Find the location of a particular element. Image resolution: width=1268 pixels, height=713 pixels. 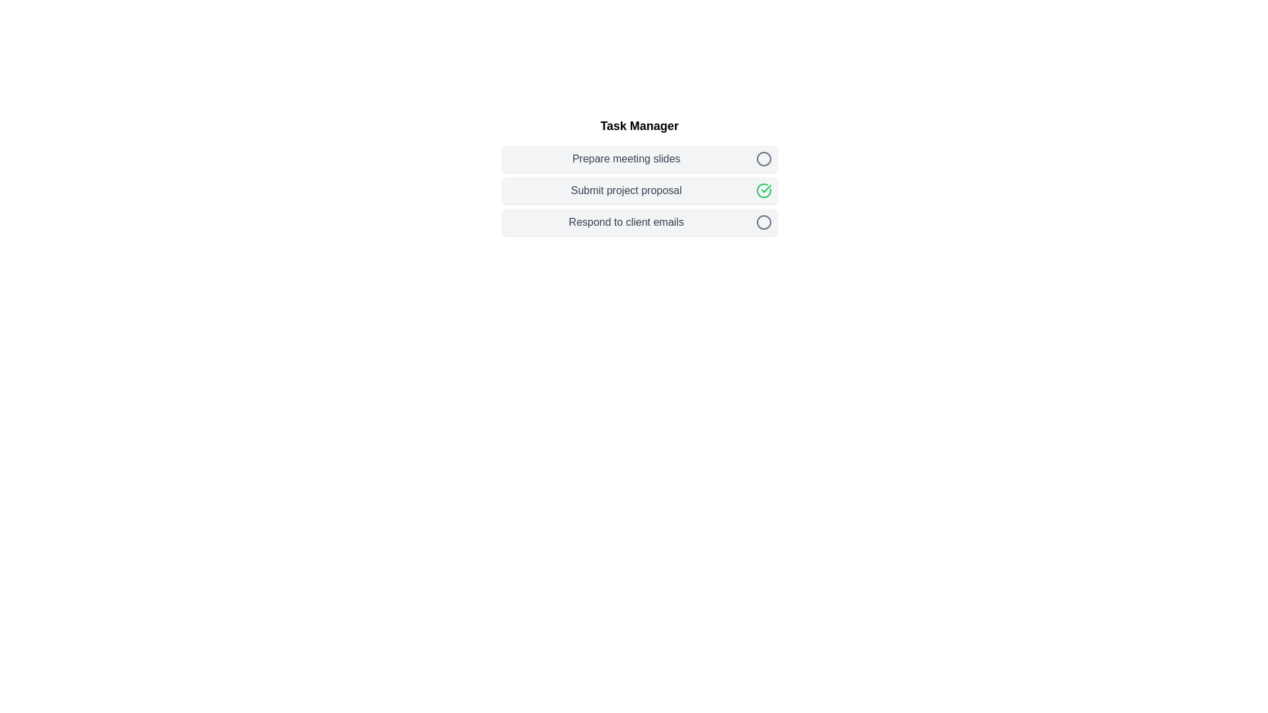

the second task in the 'Task Manager' list, which is 'Submit project proposal' is located at coordinates (639, 175).